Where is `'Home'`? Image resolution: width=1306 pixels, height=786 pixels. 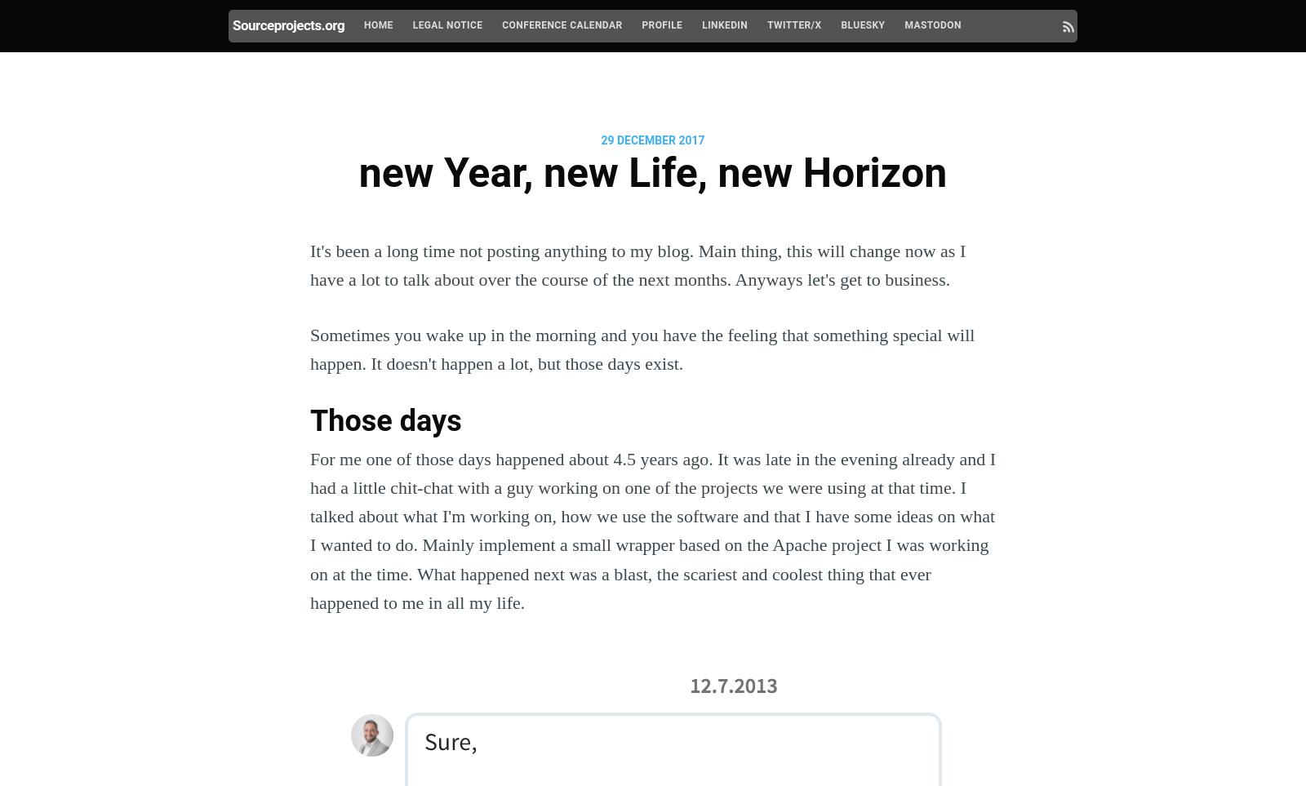 'Home' is located at coordinates (377, 24).